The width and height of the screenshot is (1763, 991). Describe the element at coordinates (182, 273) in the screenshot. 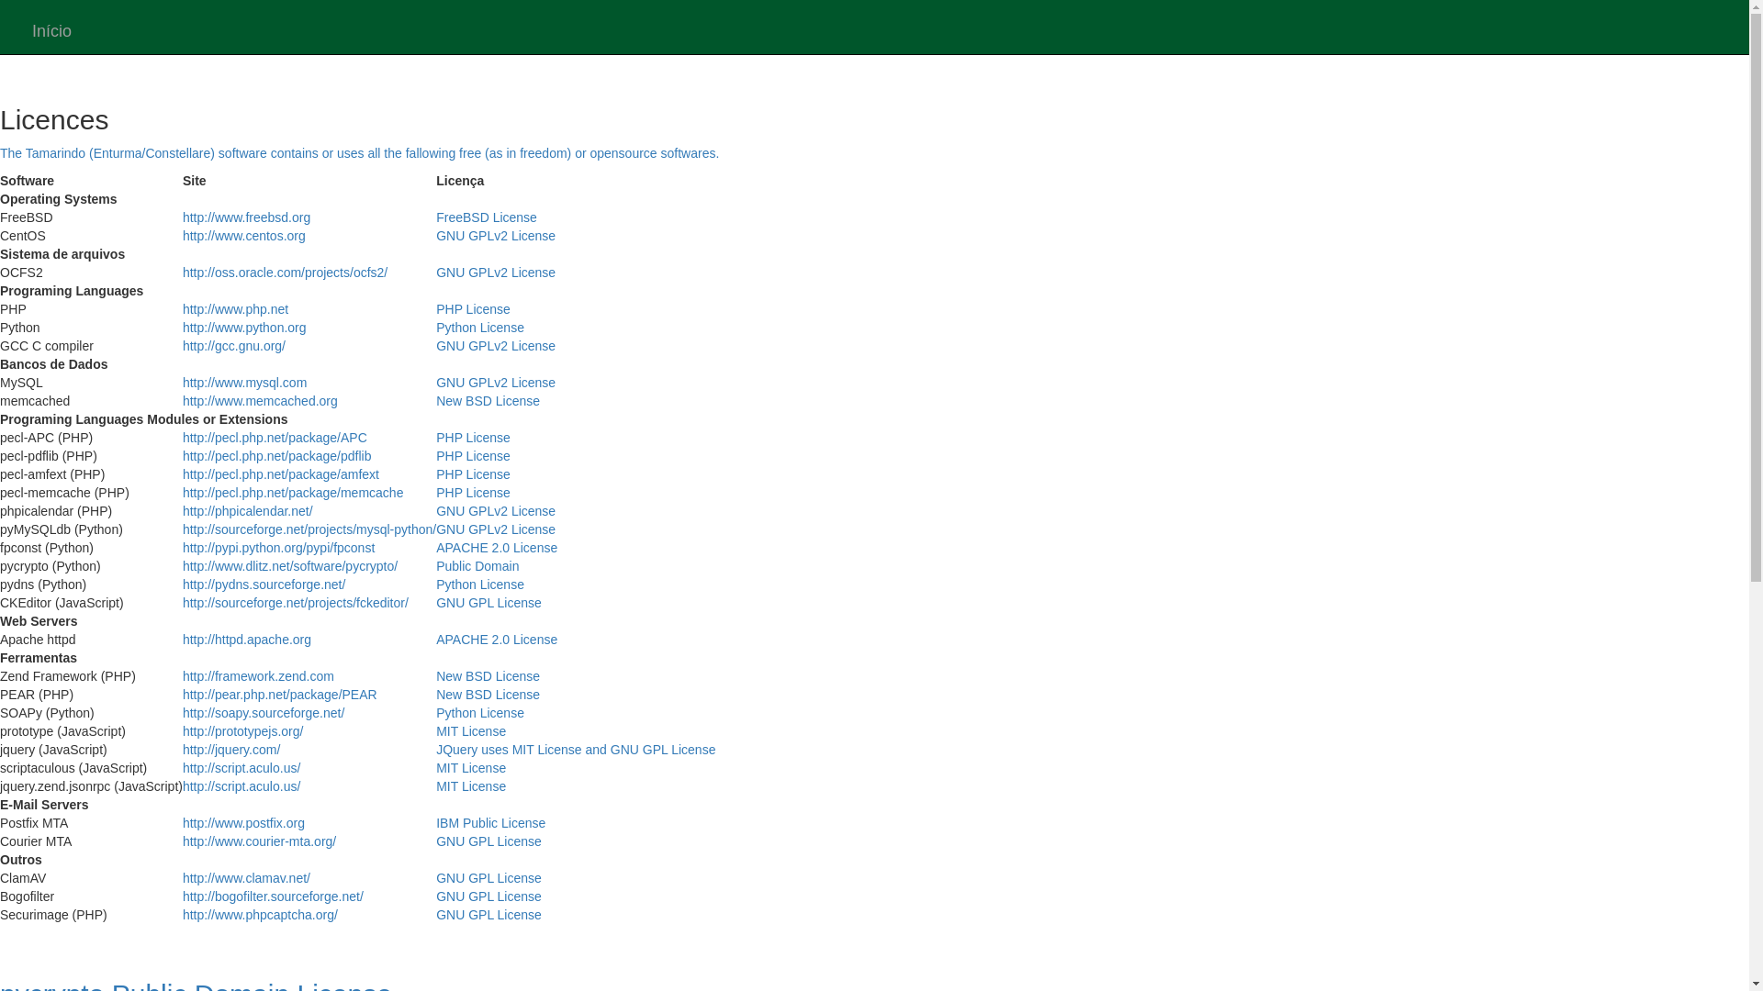

I see `'http://oss.oracle.com/projects/ocfs2/'` at that location.